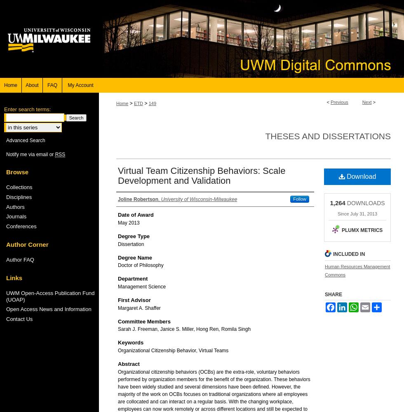 Image resolution: width=404 pixels, height=412 pixels. Describe the element at coordinates (17, 172) in the screenshot. I see `'Browse'` at that location.